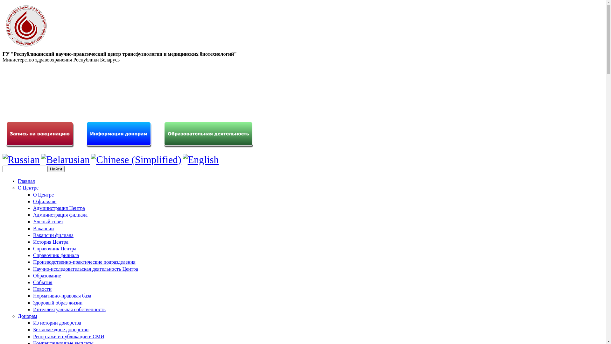 This screenshot has width=611, height=344. What do you see at coordinates (65, 159) in the screenshot?
I see `'Belarusian'` at bounding box center [65, 159].